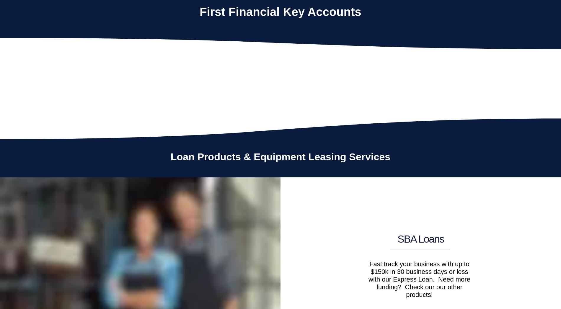  I want to click on 'Mosquito joe', so click(31, 91).